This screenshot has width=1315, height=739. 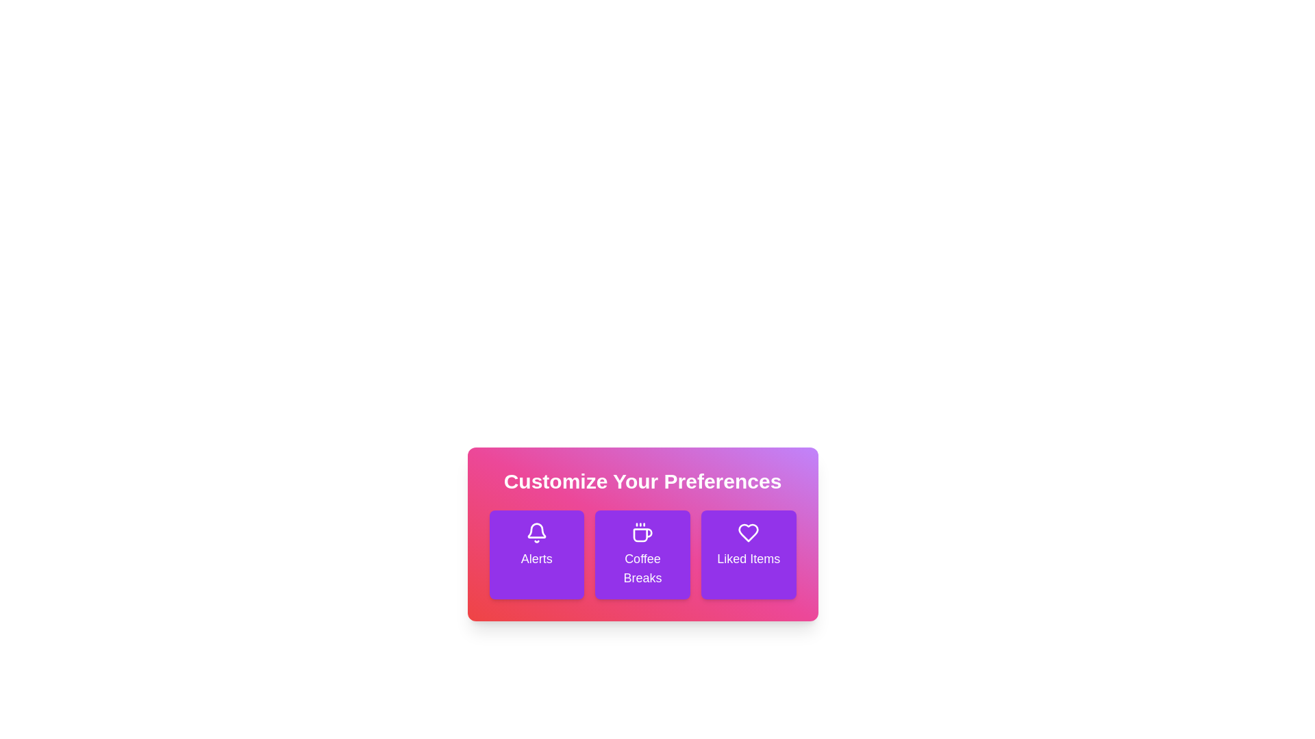 I want to click on the 'Coffee Breaks' icon represented by a coffee cup, located in the middle button of the horizontally aligned options group, so click(x=642, y=534).